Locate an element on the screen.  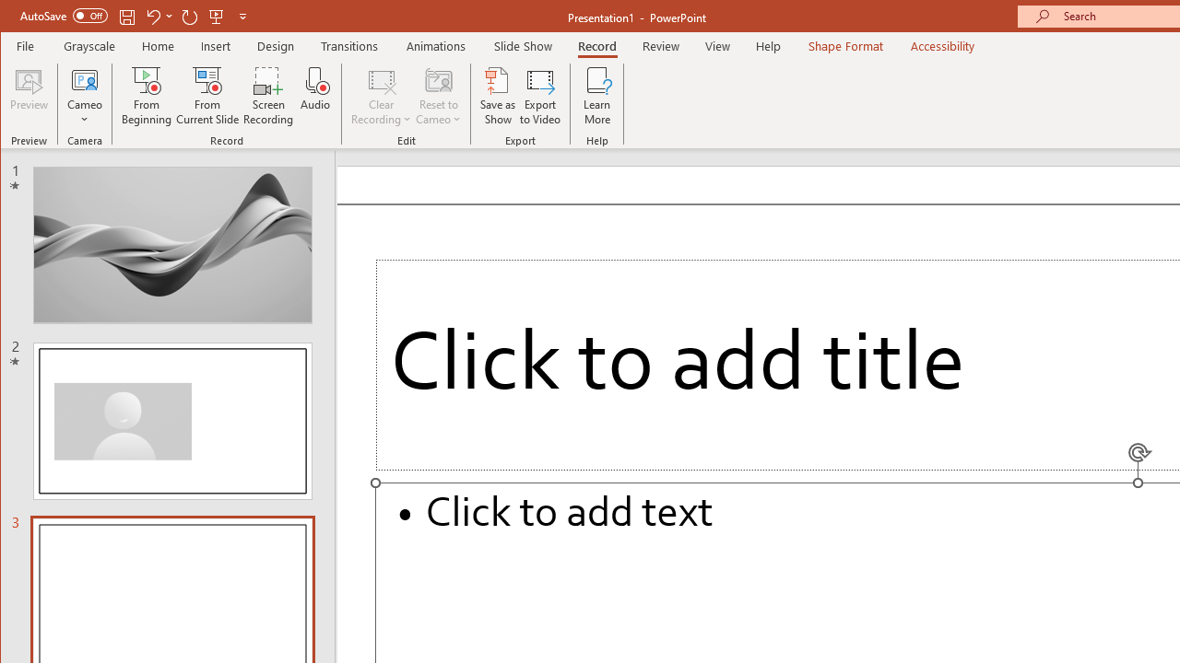
'Grayscale' is located at coordinates (88, 45).